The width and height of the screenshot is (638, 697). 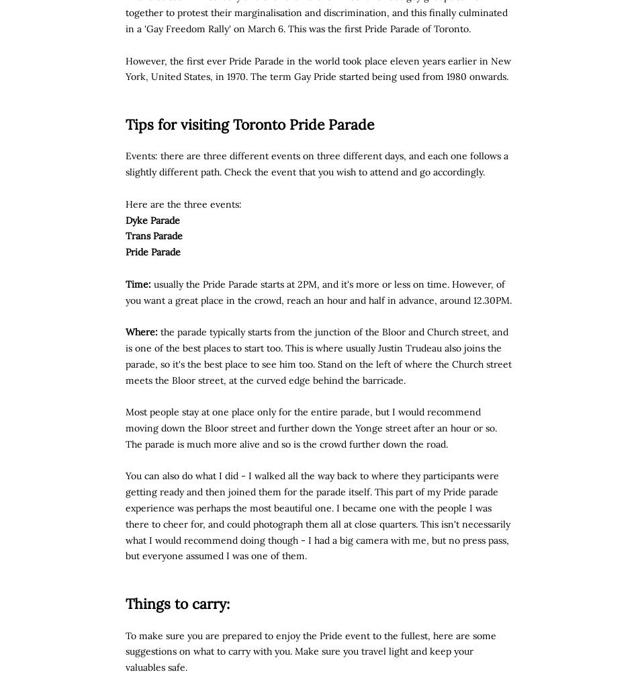 What do you see at coordinates (125, 427) in the screenshot?
I see `'Most people stay at one place only for the entire parade, but I would recommend moving down the Bloor street and further down the Yonge street after an hour or so. The parade is much more alive and so is the crowd further down the road.'` at bounding box center [125, 427].